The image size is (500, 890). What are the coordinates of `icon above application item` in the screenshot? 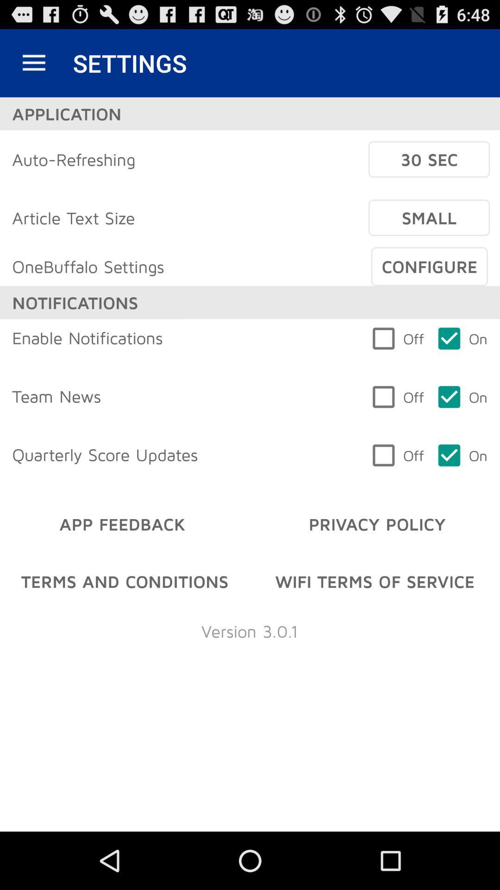 It's located at (33, 63).